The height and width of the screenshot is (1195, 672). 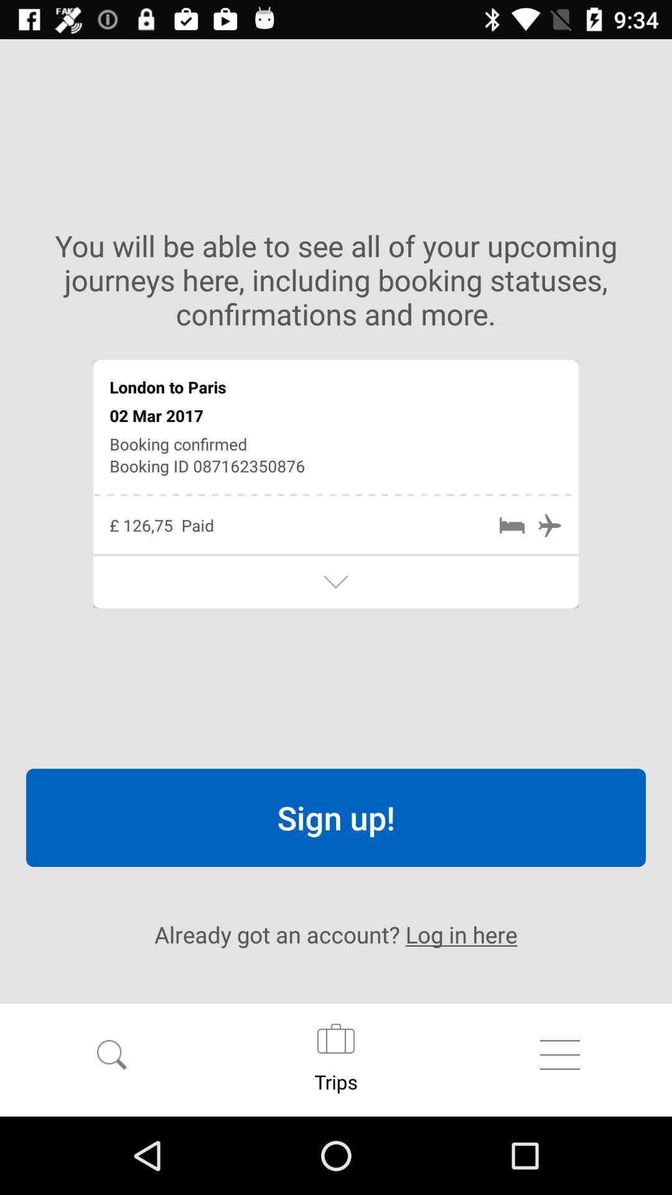 What do you see at coordinates (336, 818) in the screenshot?
I see `sign up! item` at bounding box center [336, 818].